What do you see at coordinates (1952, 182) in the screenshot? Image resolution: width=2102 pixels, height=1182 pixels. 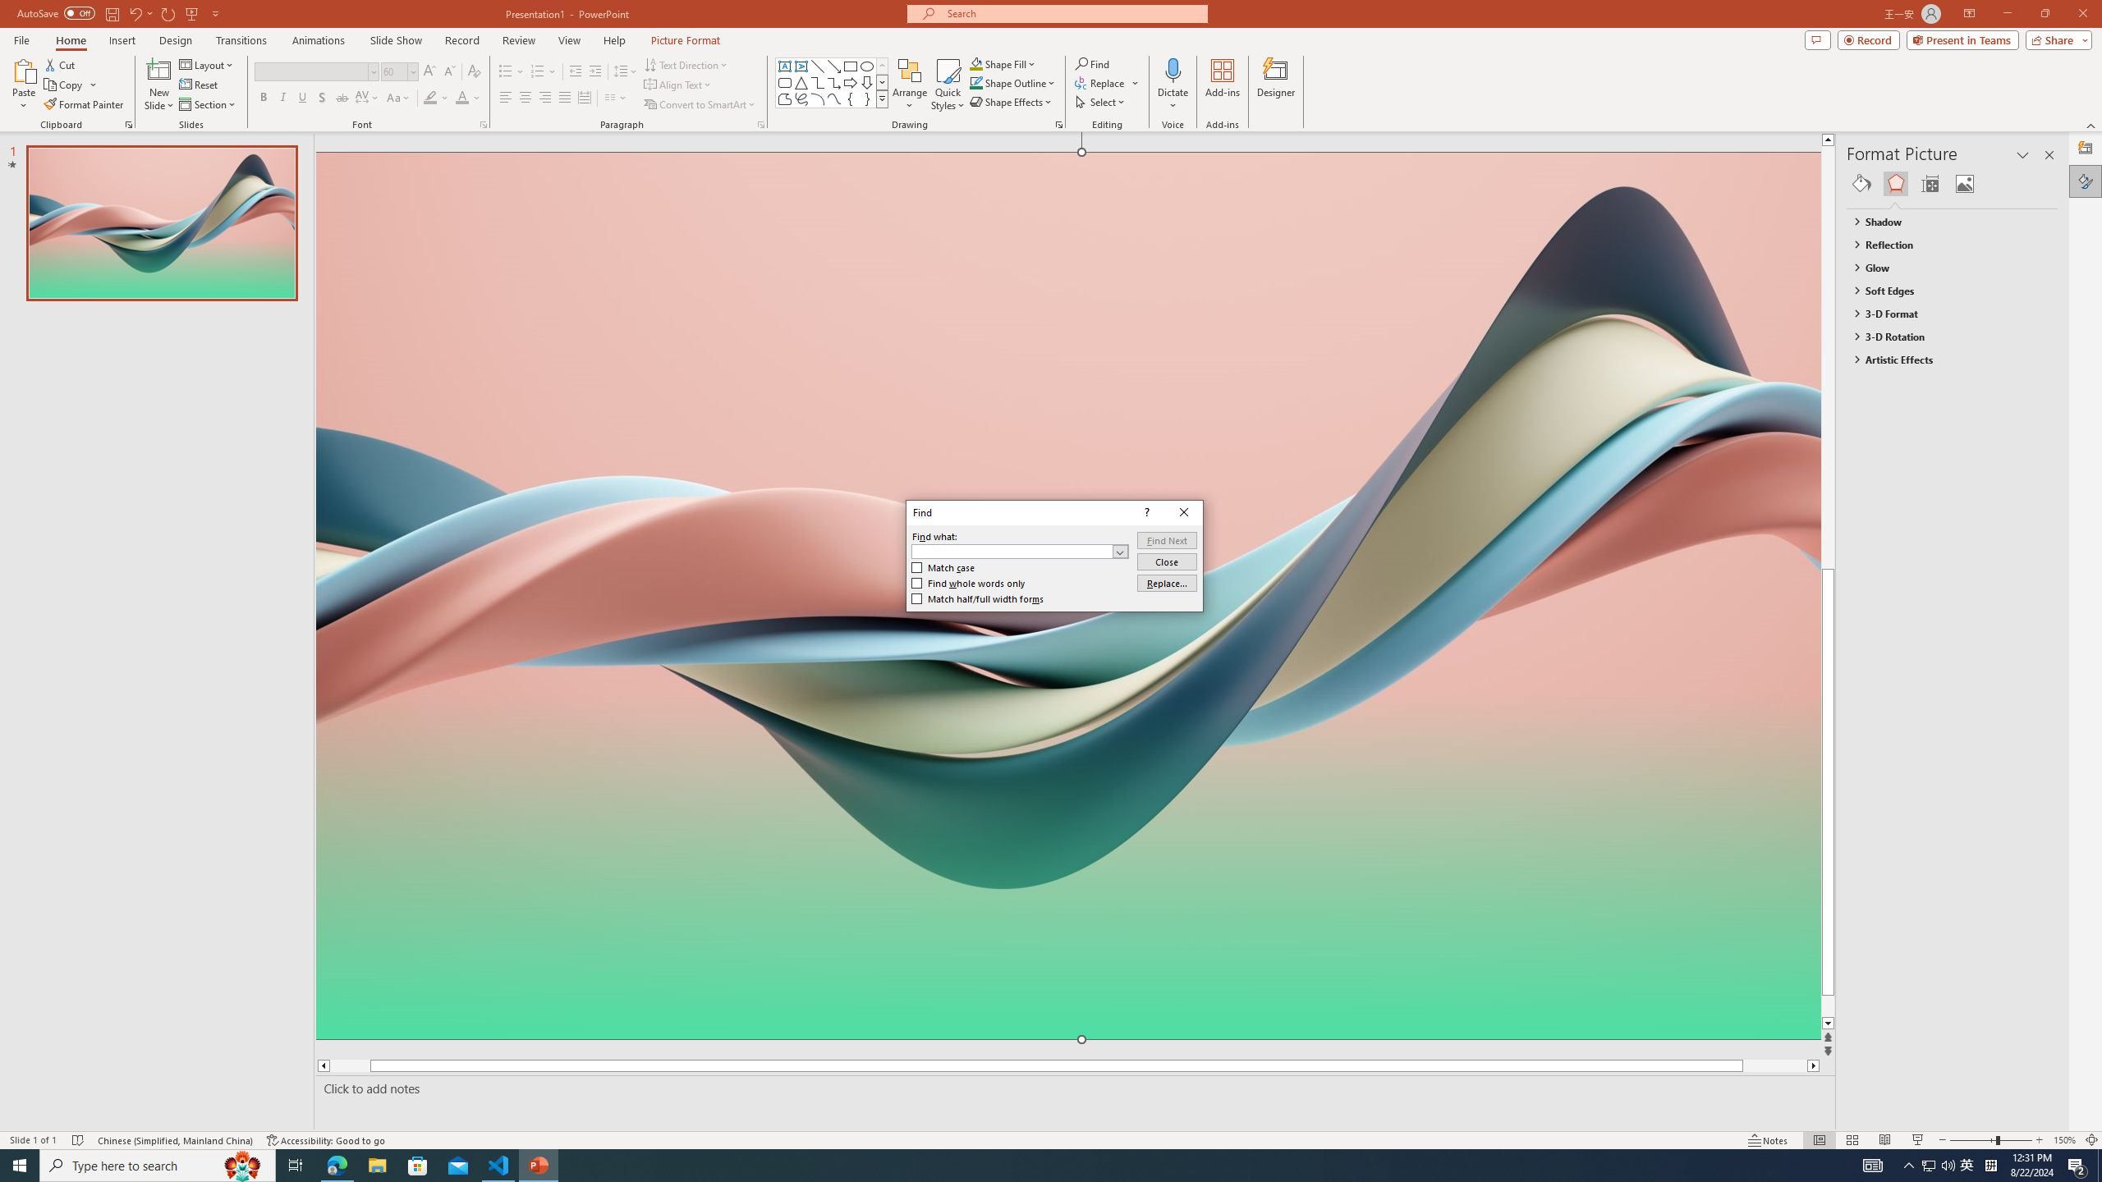 I see `'Class: NetUIGalleryContainer'` at bounding box center [1952, 182].